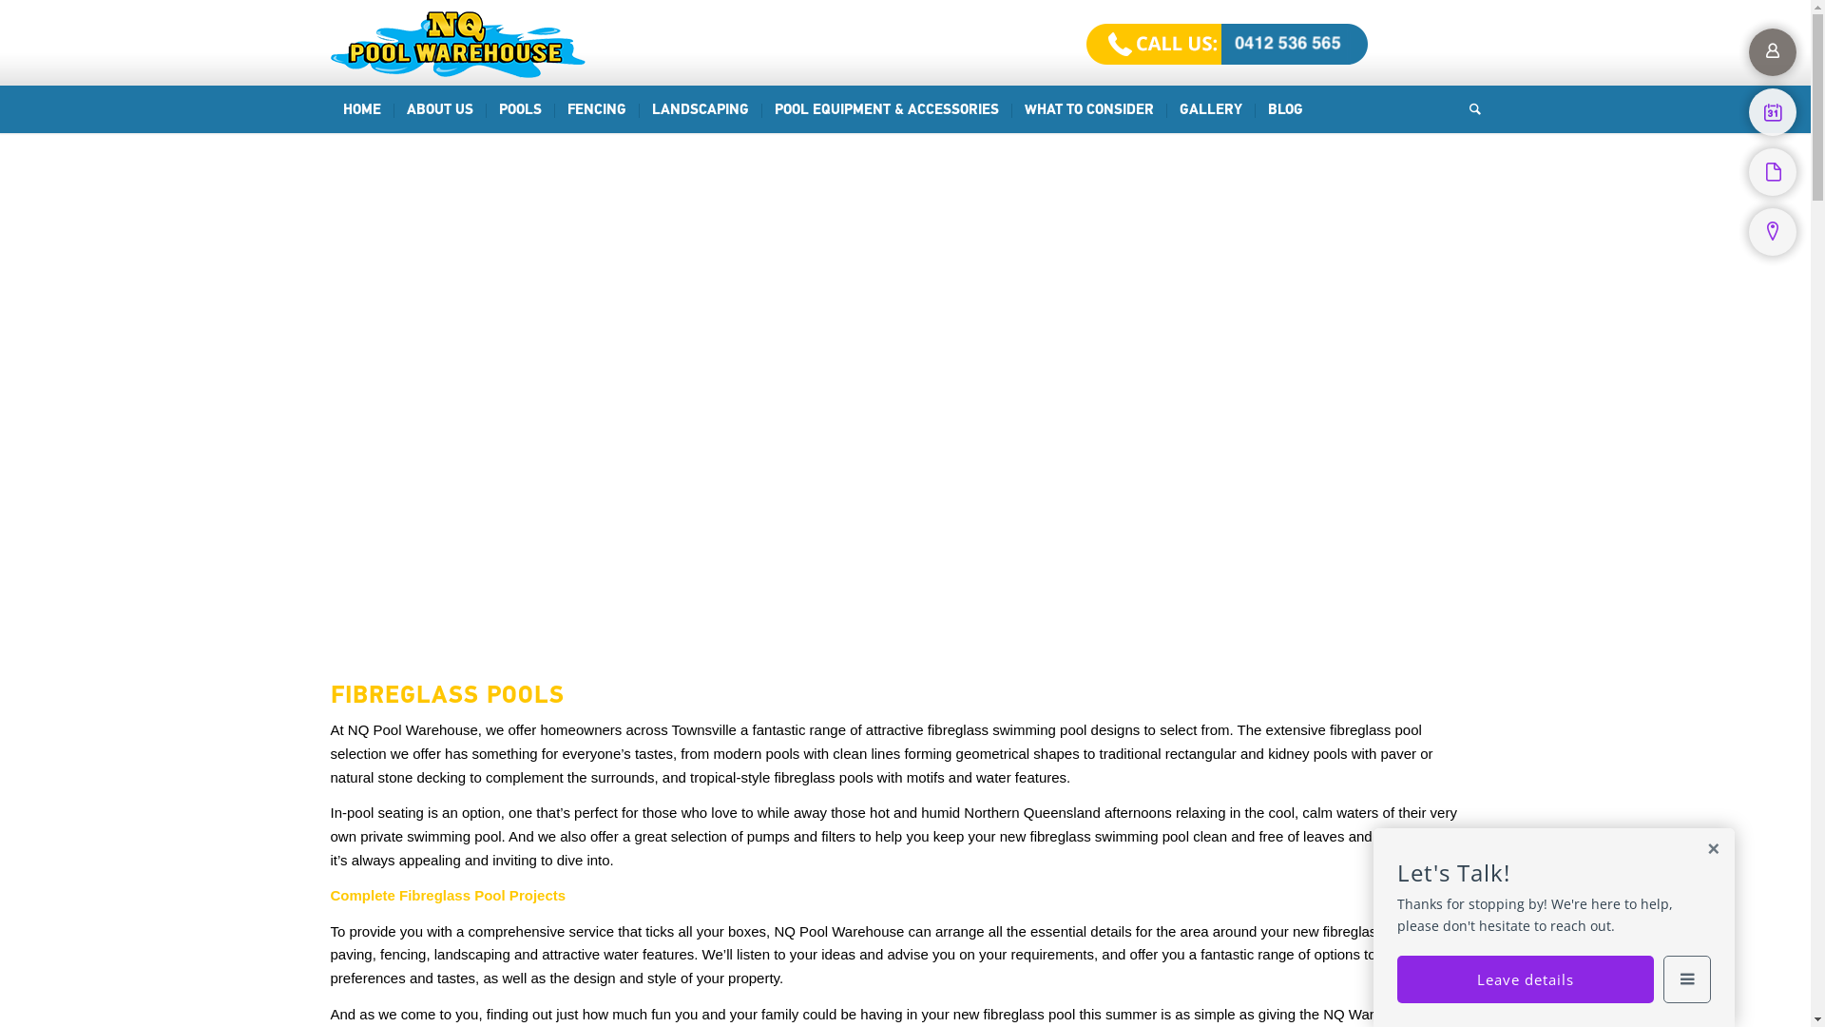  What do you see at coordinates (1208, 109) in the screenshot?
I see `'GALLERY'` at bounding box center [1208, 109].